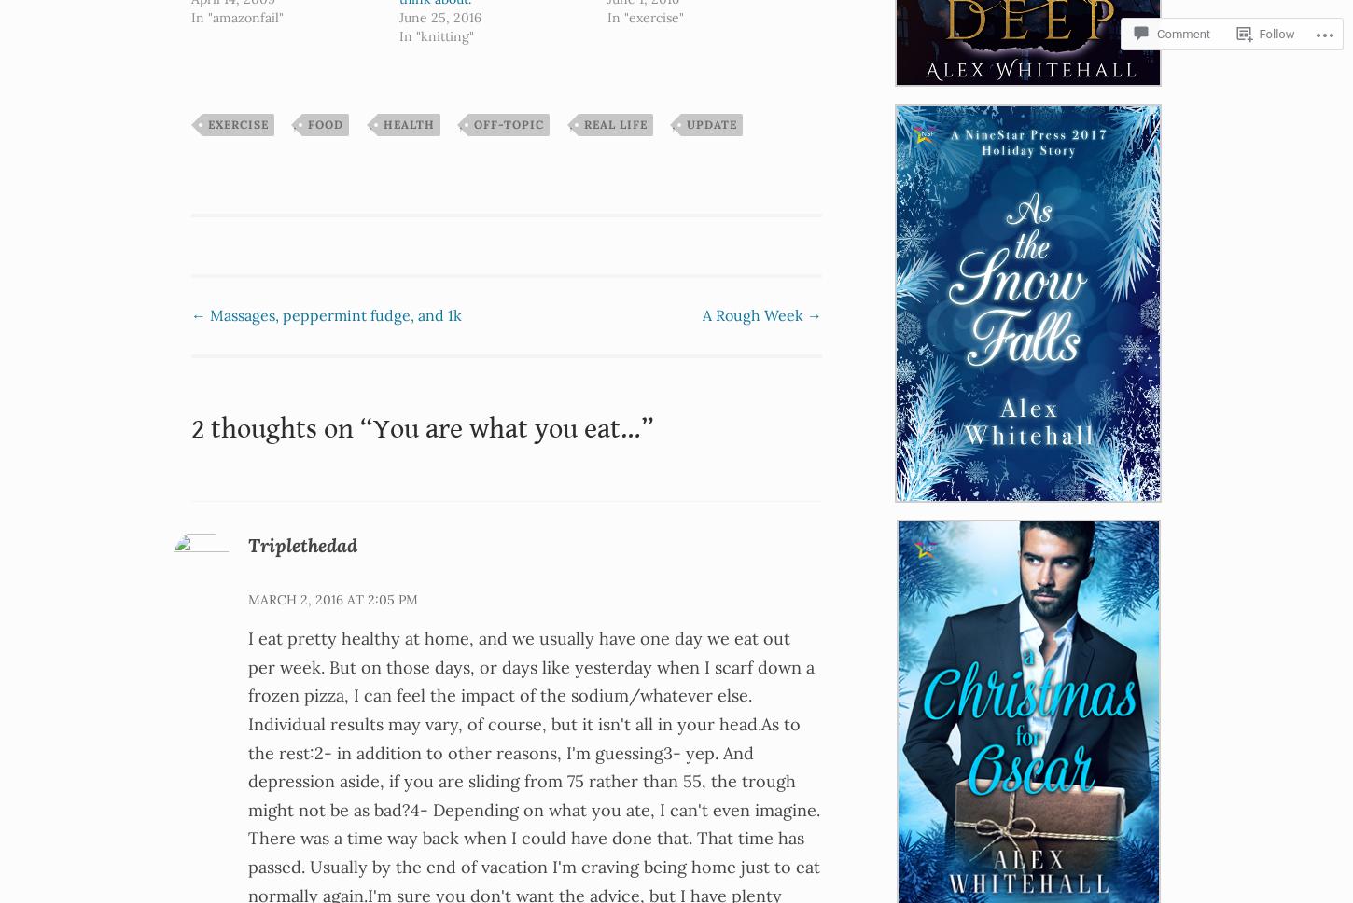  Describe the element at coordinates (614, 122) in the screenshot. I see `'real life'` at that location.